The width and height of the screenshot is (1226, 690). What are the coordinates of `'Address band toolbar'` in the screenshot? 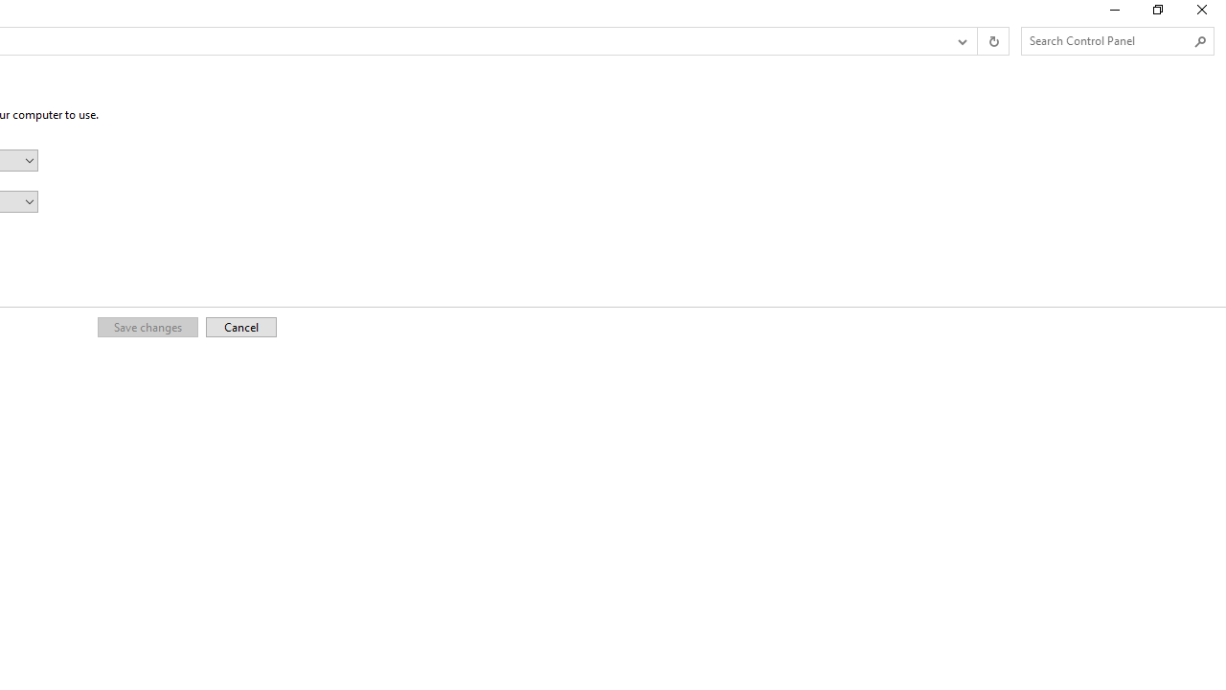 It's located at (977, 41).